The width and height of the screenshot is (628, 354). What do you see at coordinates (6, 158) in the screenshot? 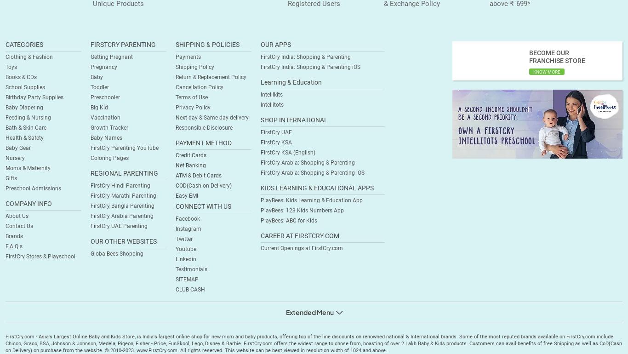
I see `'Nursery'` at bounding box center [6, 158].